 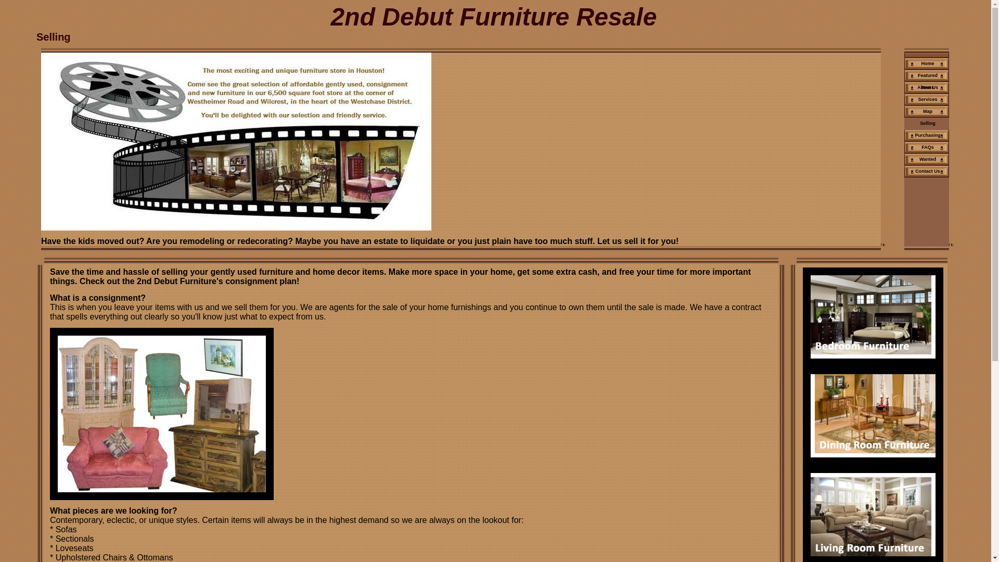 What do you see at coordinates (926, 63) in the screenshot?
I see `'Home'` at bounding box center [926, 63].